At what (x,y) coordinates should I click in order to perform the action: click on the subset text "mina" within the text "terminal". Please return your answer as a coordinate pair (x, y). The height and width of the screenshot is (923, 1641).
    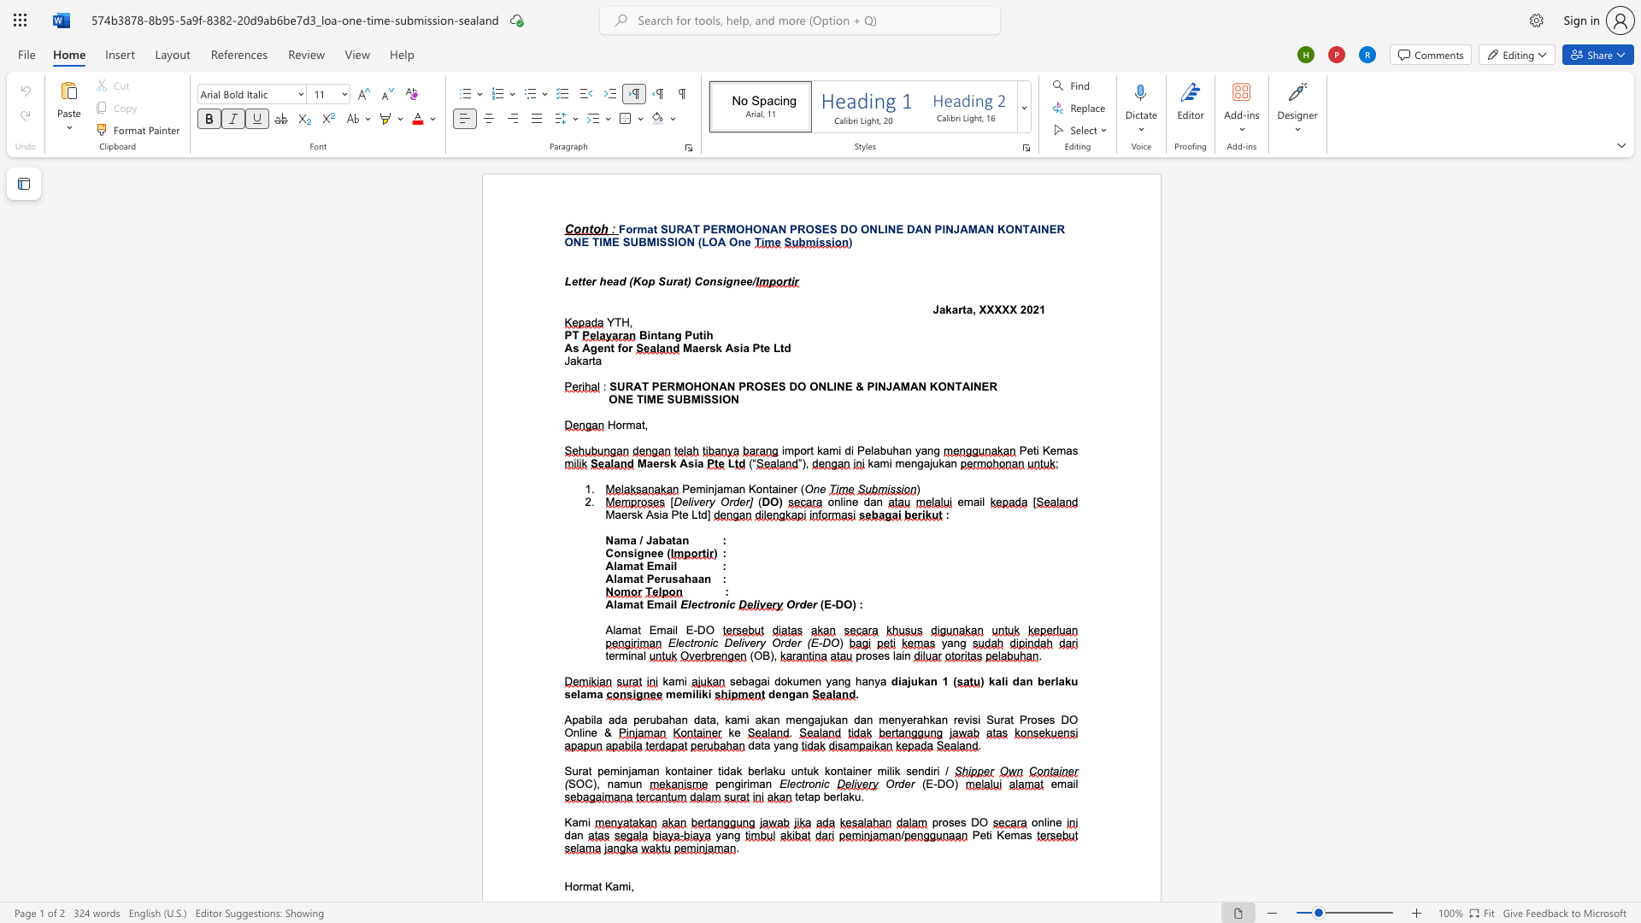
    Looking at the image, I should click on (618, 655).